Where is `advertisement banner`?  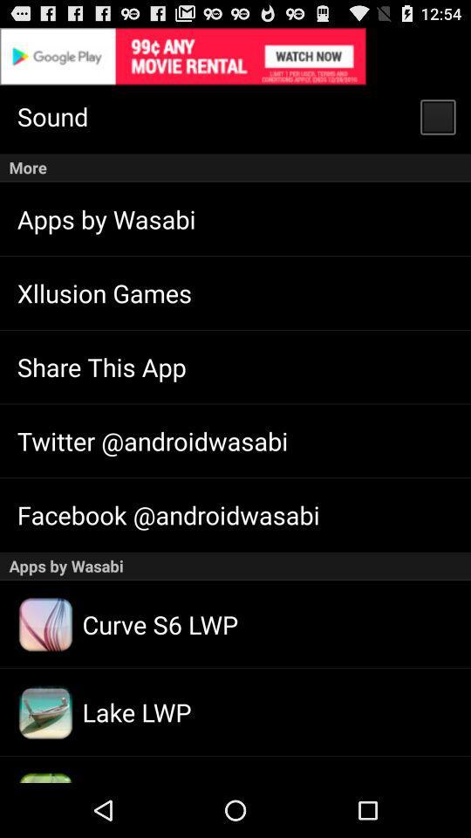 advertisement banner is located at coordinates (235, 56).